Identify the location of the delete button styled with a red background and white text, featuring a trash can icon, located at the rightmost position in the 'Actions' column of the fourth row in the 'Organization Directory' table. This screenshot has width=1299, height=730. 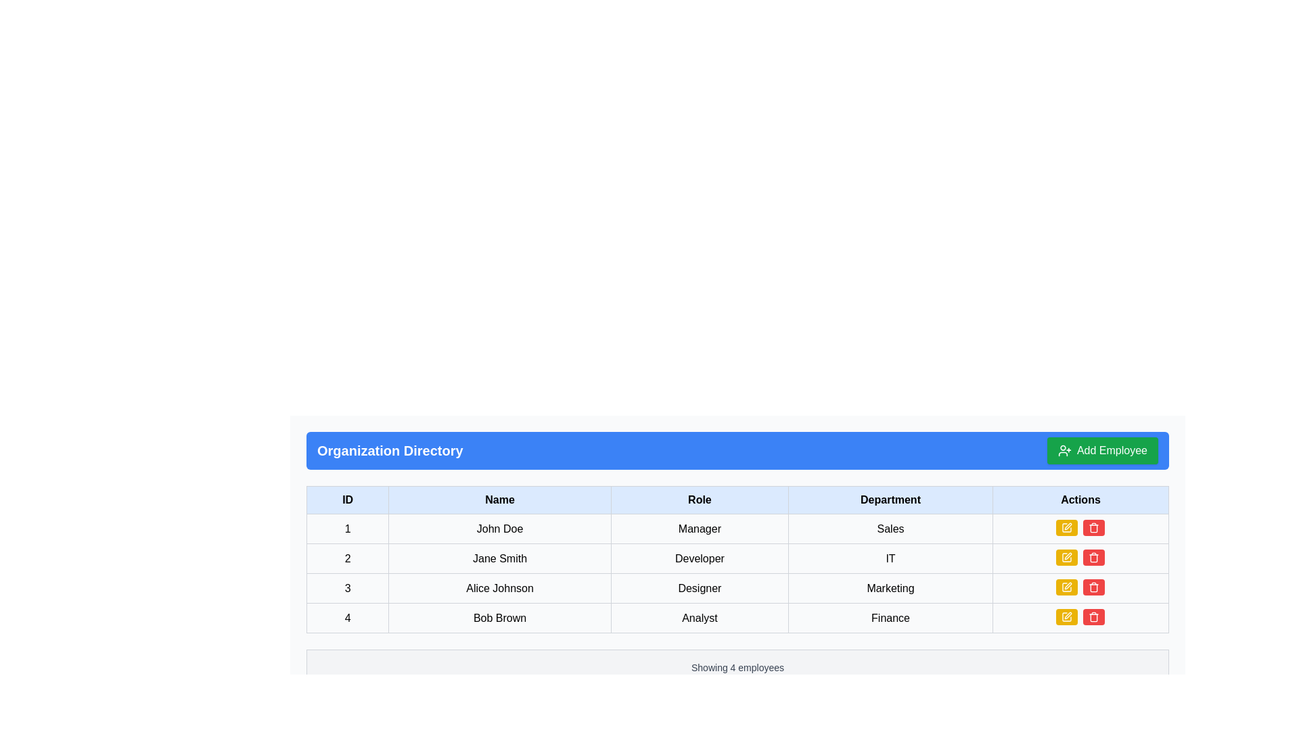
(1094, 527).